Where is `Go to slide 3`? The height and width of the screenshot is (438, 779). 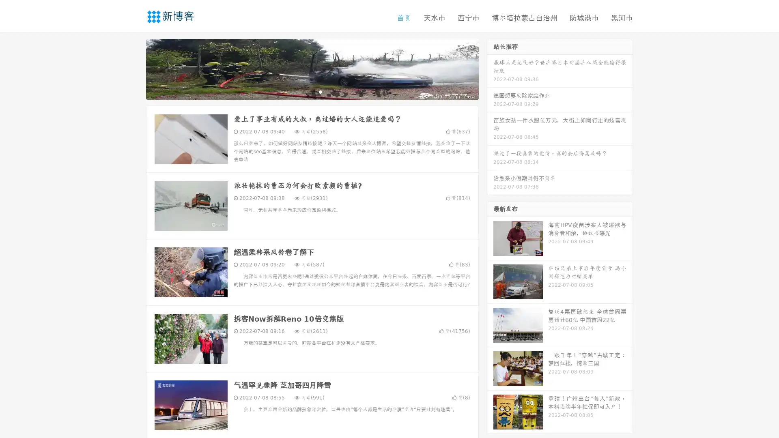
Go to slide 3 is located at coordinates (320, 91).